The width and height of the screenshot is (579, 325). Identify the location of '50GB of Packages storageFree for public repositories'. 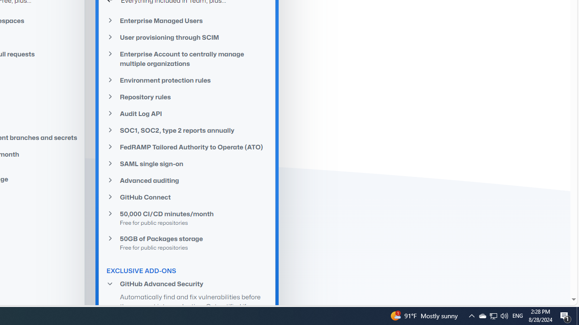
(187, 242).